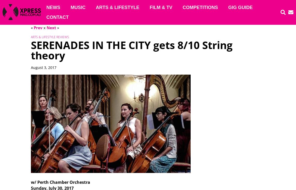 The image size is (296, 190). I want to click on 'SERENADES IN THE CITY gets 8/10 String theory', so click(131, 50).